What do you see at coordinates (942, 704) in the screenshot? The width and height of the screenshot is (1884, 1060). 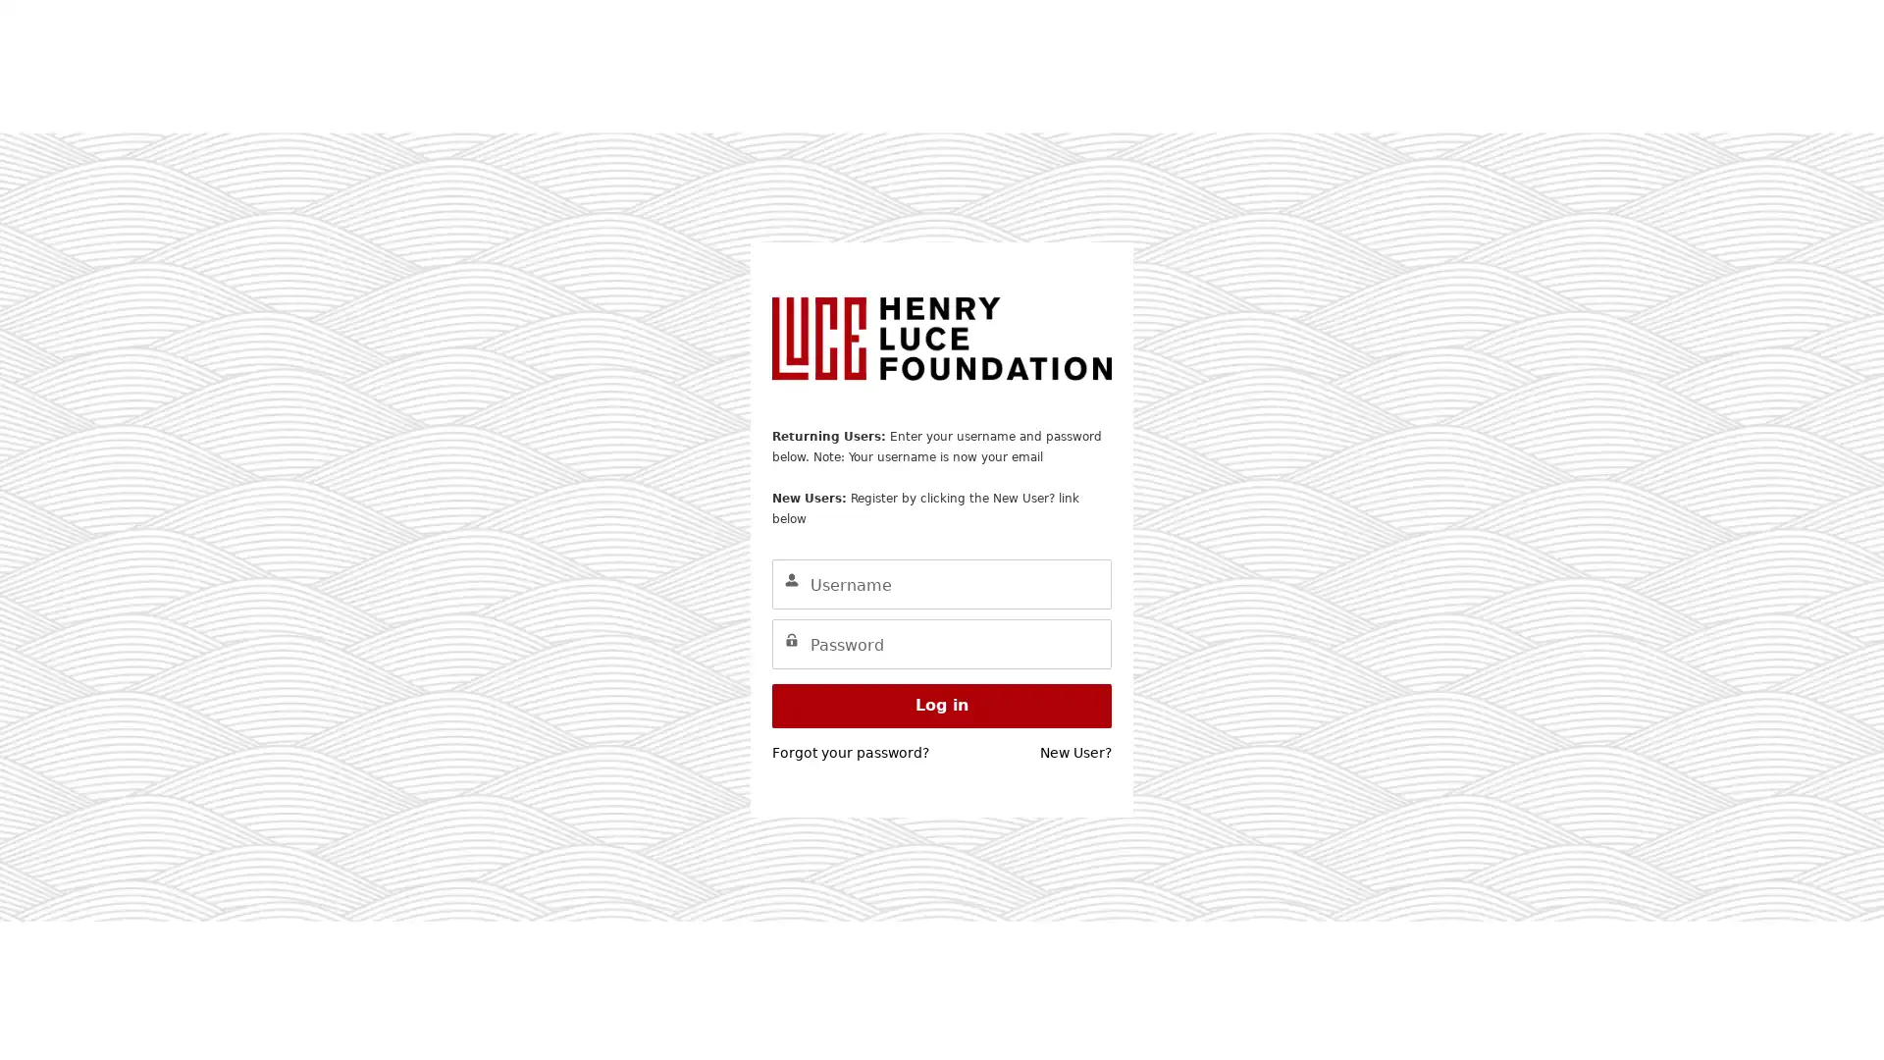 I see `Log in` at bounding box center [942, 704].